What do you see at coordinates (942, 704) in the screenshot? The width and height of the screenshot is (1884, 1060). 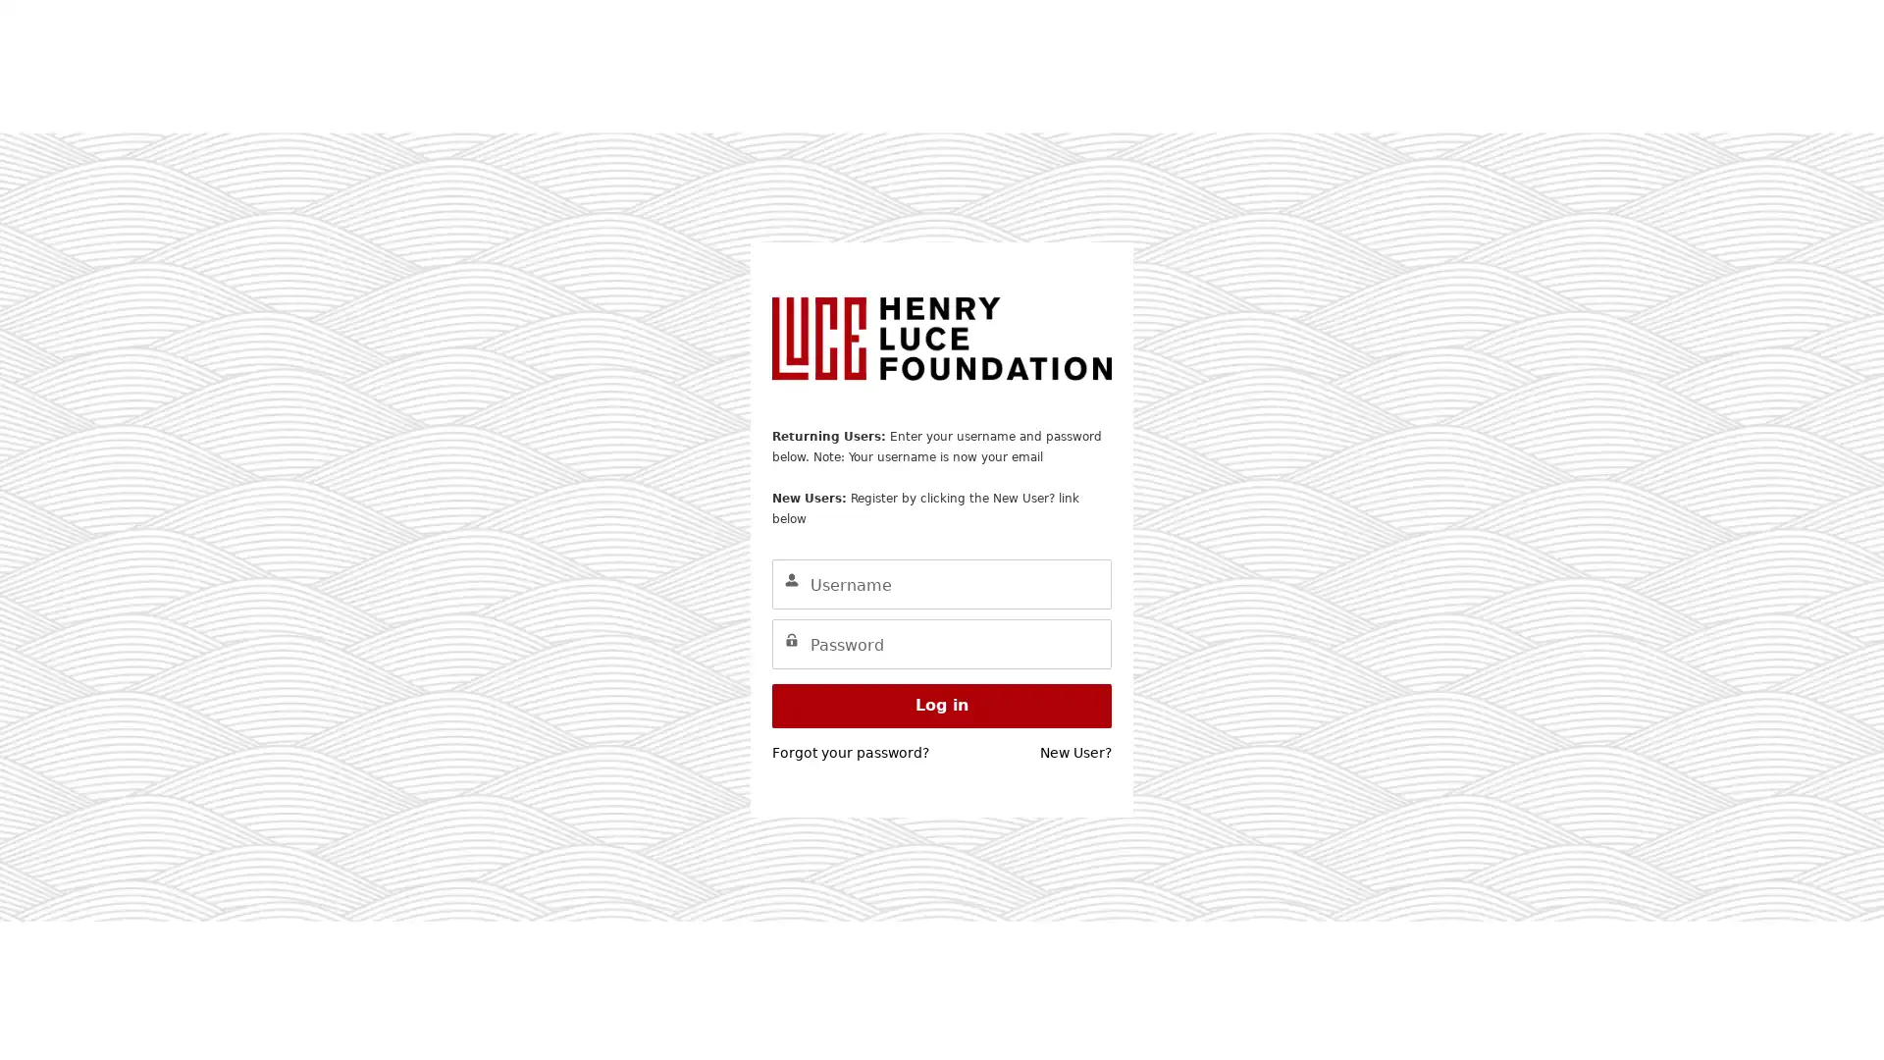 I see `Log in` at bounding box center [942, 704].